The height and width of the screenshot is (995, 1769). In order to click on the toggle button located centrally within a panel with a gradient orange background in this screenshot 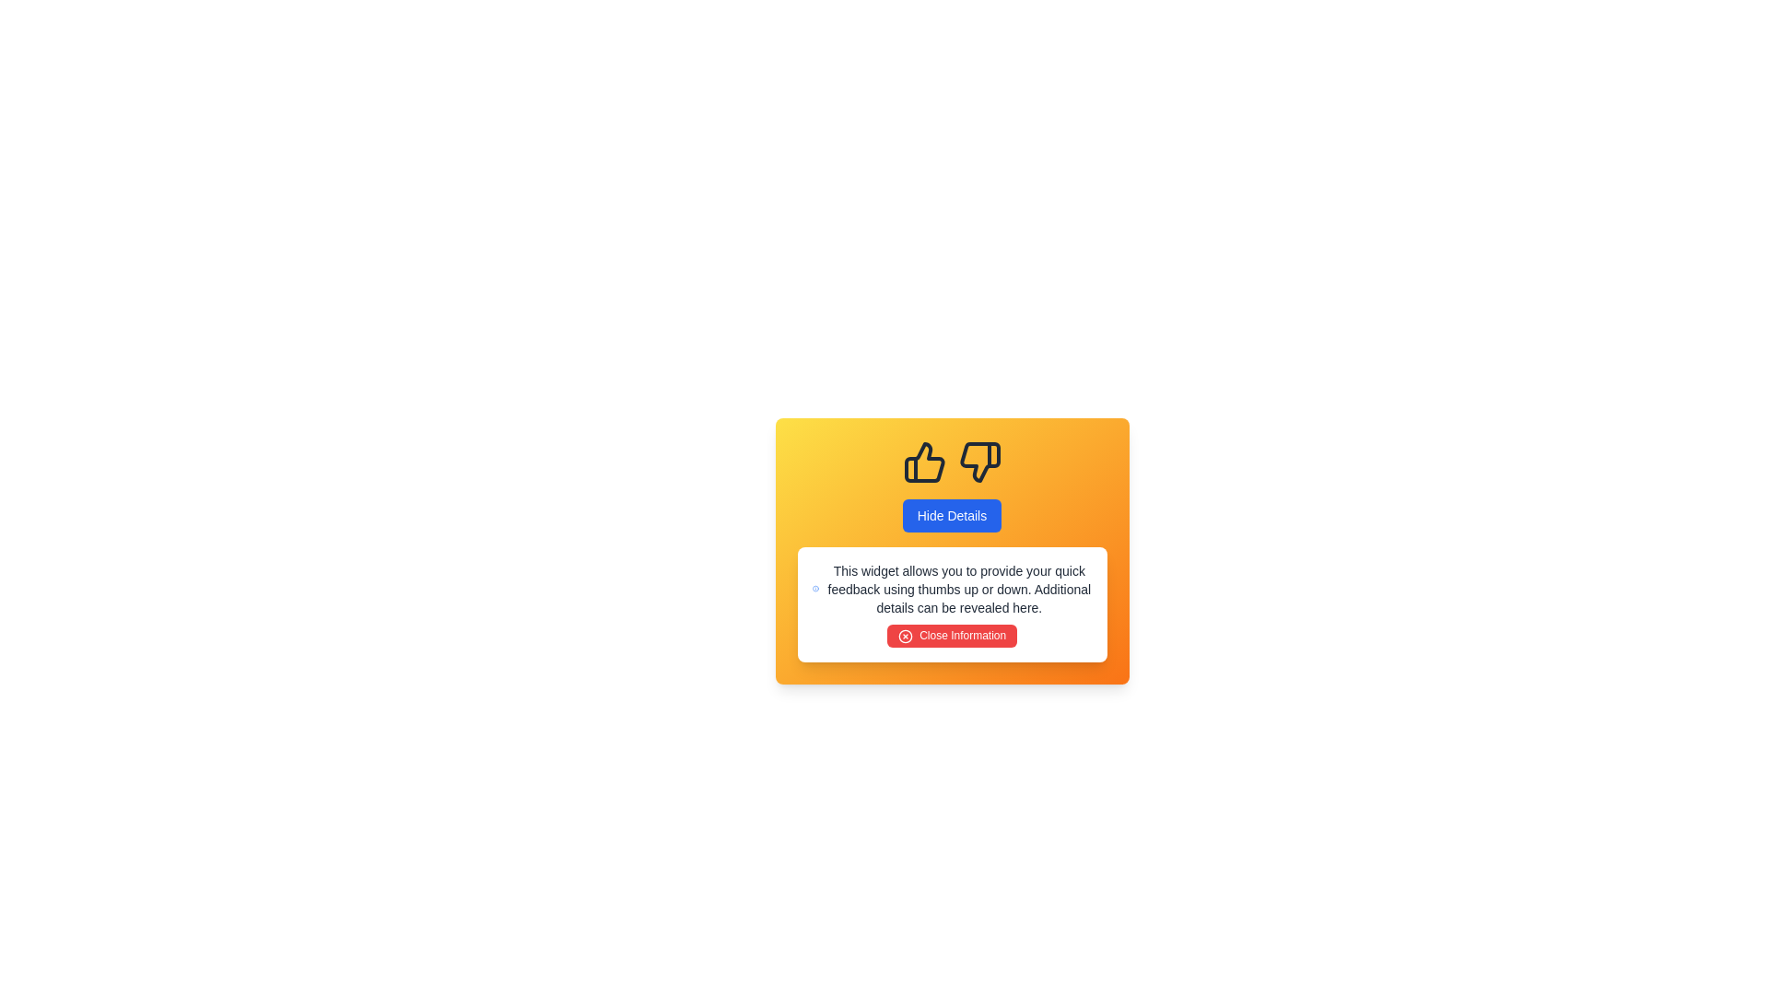, I will do `click(952, 515)`.